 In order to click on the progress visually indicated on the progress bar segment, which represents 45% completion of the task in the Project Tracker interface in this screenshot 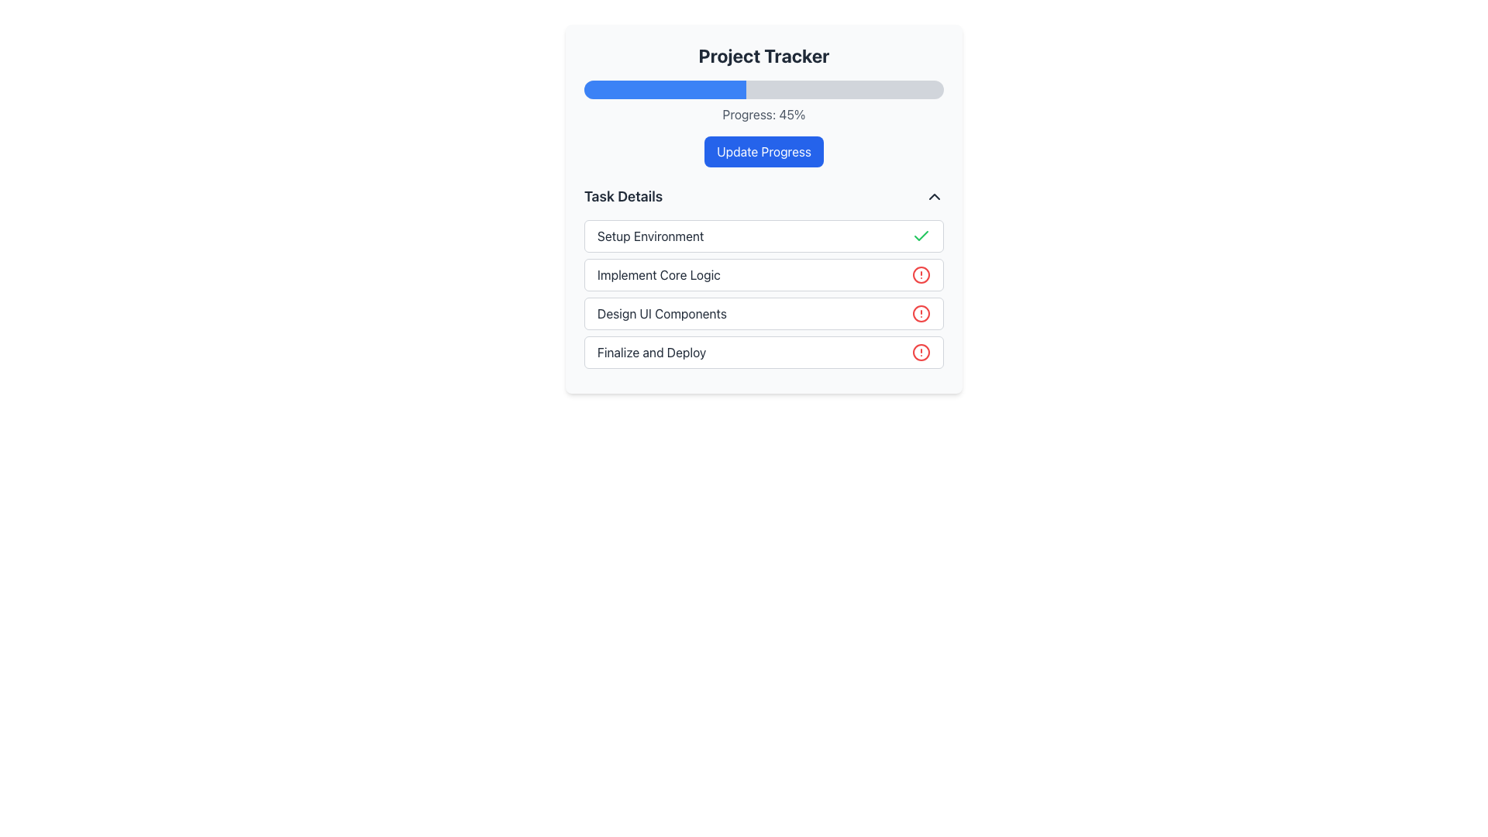, I will do `click(665, 89)`.